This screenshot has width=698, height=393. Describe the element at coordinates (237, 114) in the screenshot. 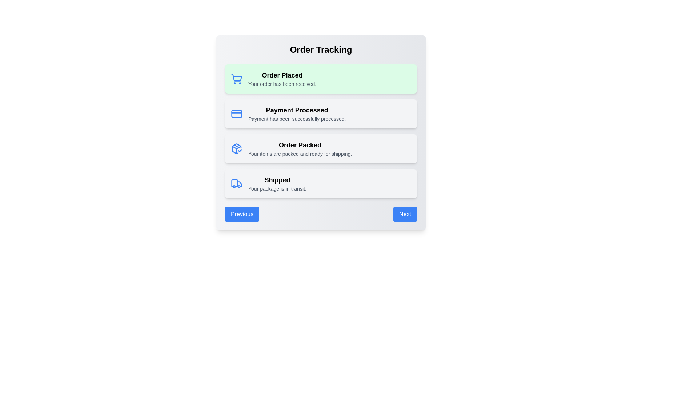

I see `the rectangle with rounded corners displayed within the credit card icon, which is adjacent to the 'Payment Processed' label` at that location.